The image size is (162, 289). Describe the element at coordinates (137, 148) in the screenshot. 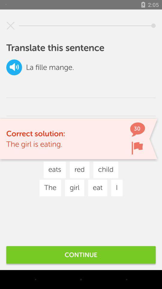

I see `flag button` at that location.